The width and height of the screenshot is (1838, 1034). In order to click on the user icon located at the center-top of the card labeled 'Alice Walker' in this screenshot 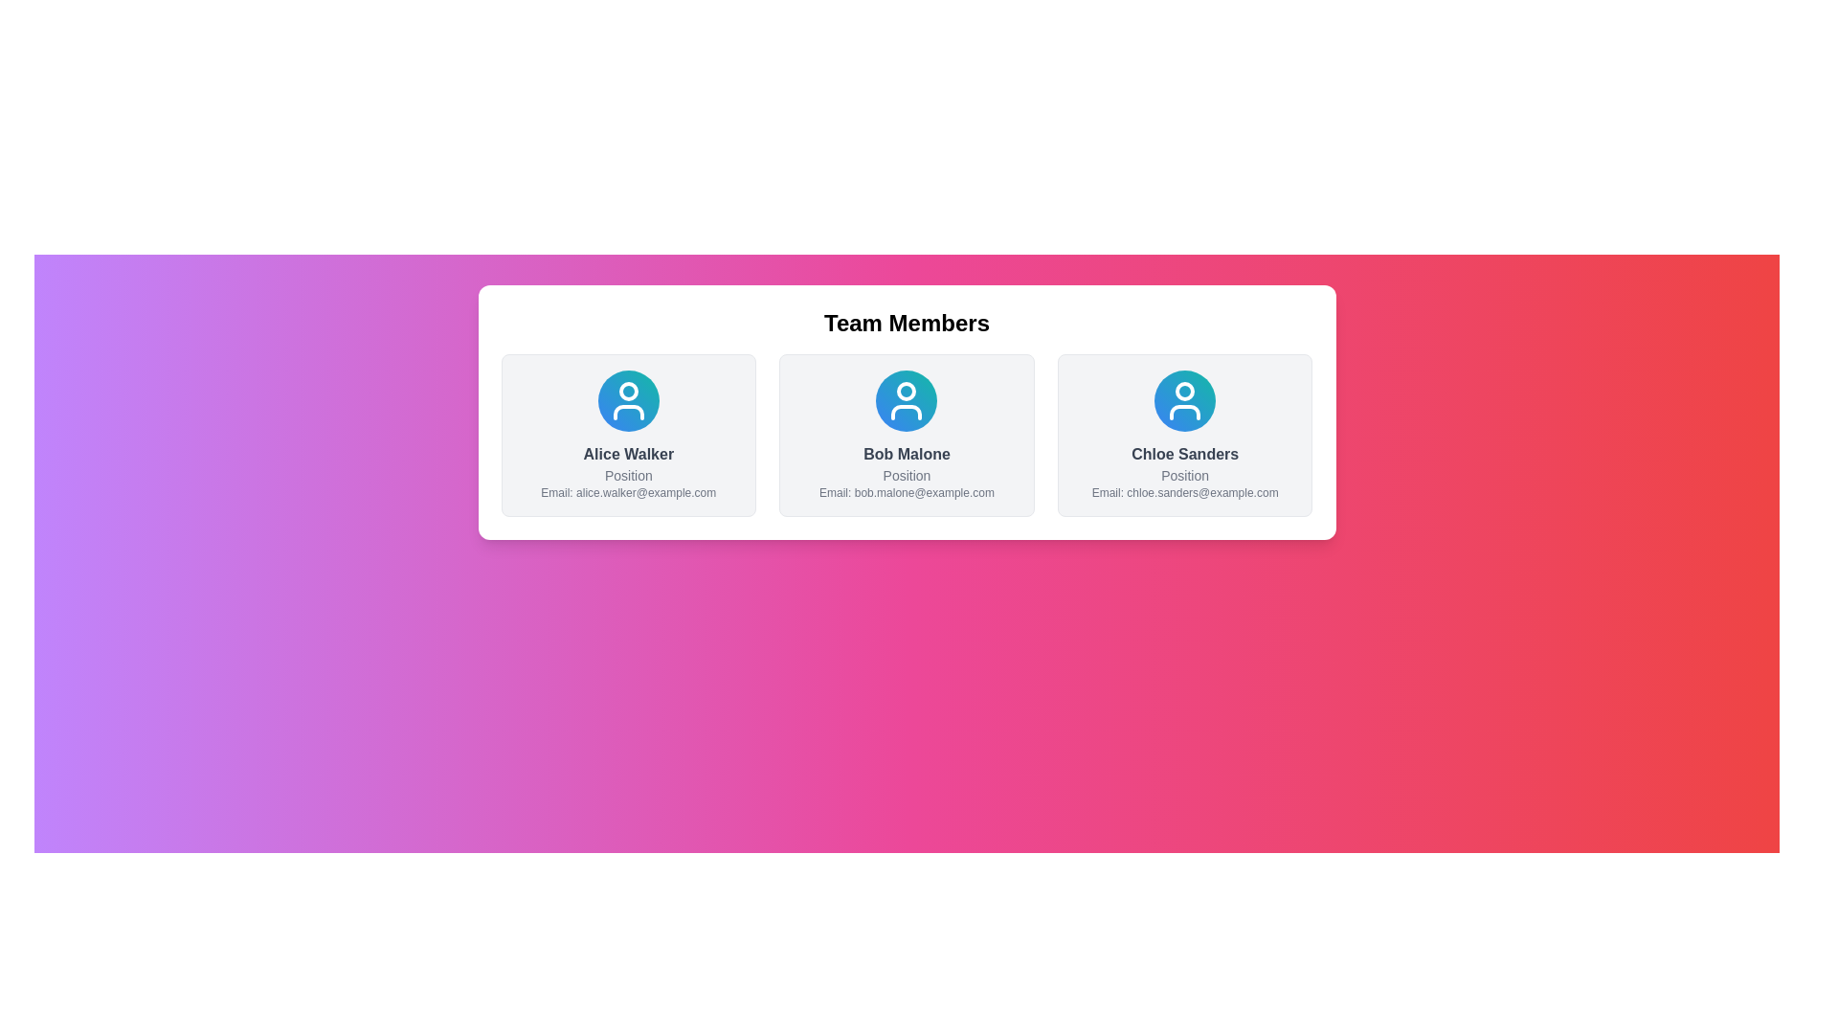, I will do `click(628, 400)`.